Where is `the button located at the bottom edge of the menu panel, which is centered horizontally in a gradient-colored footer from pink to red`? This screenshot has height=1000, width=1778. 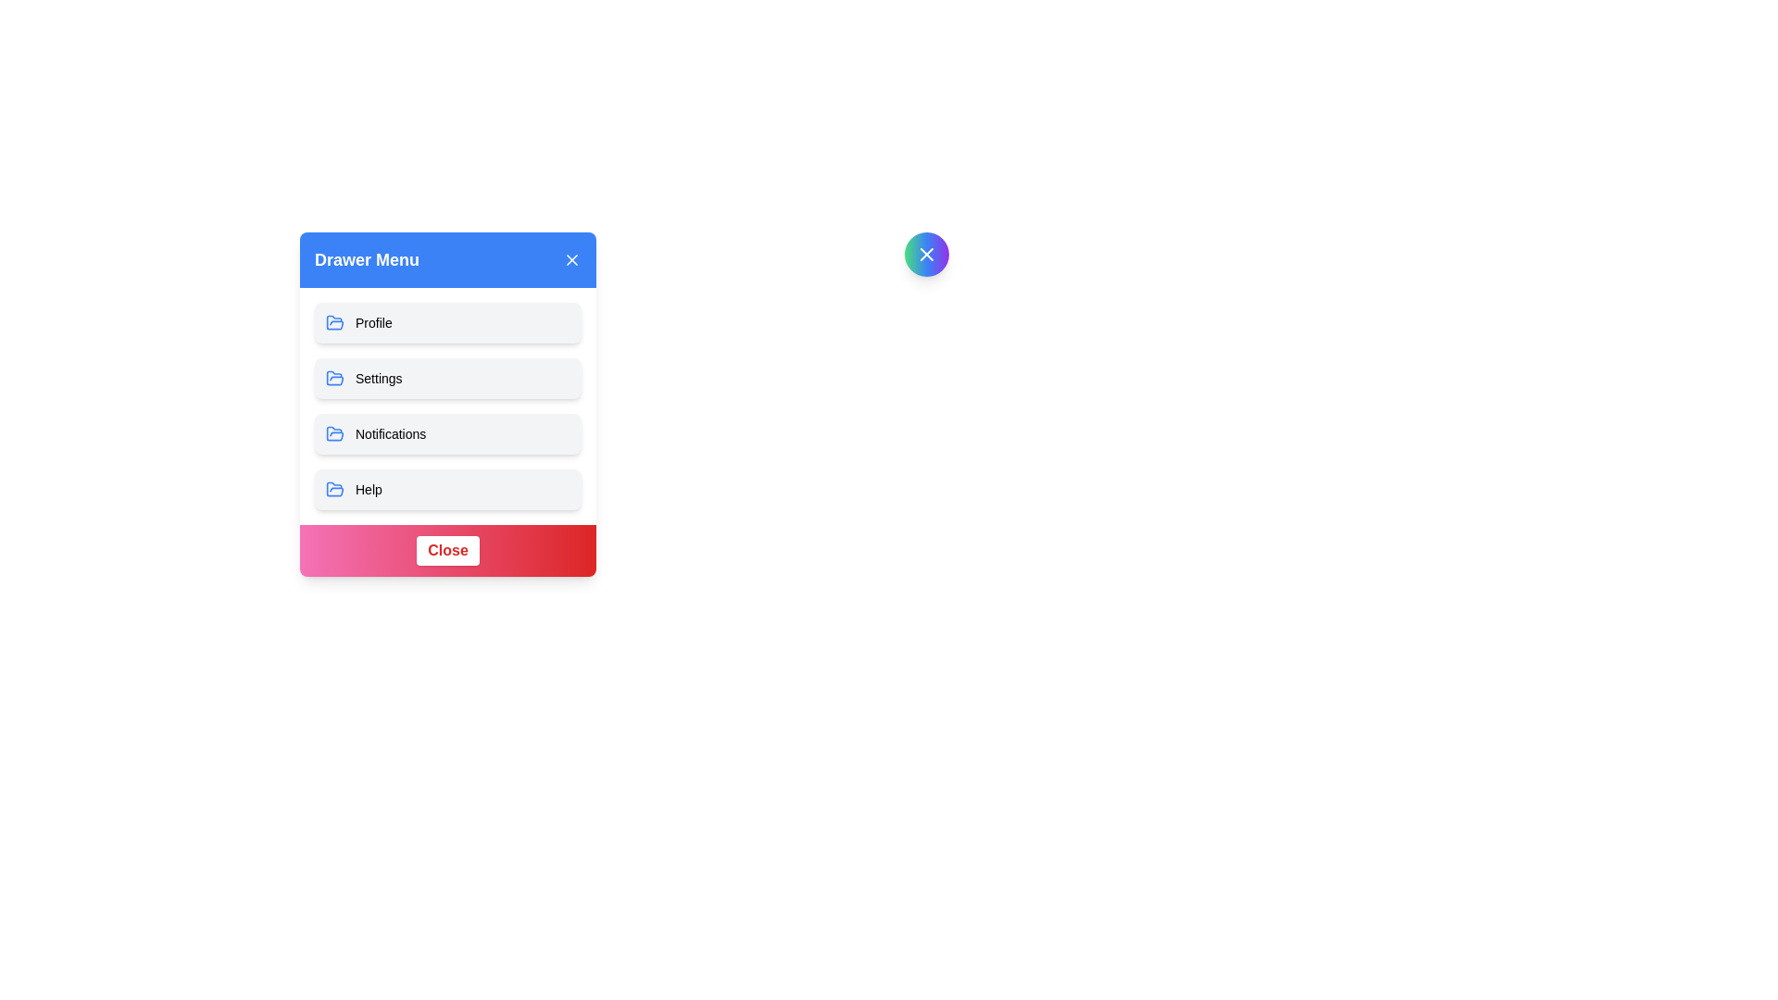 the button located at the bottom edge of the menu panel, which is centered horizontally in a gradient-colored footer from pink to red is located at coordinates (448, 549).